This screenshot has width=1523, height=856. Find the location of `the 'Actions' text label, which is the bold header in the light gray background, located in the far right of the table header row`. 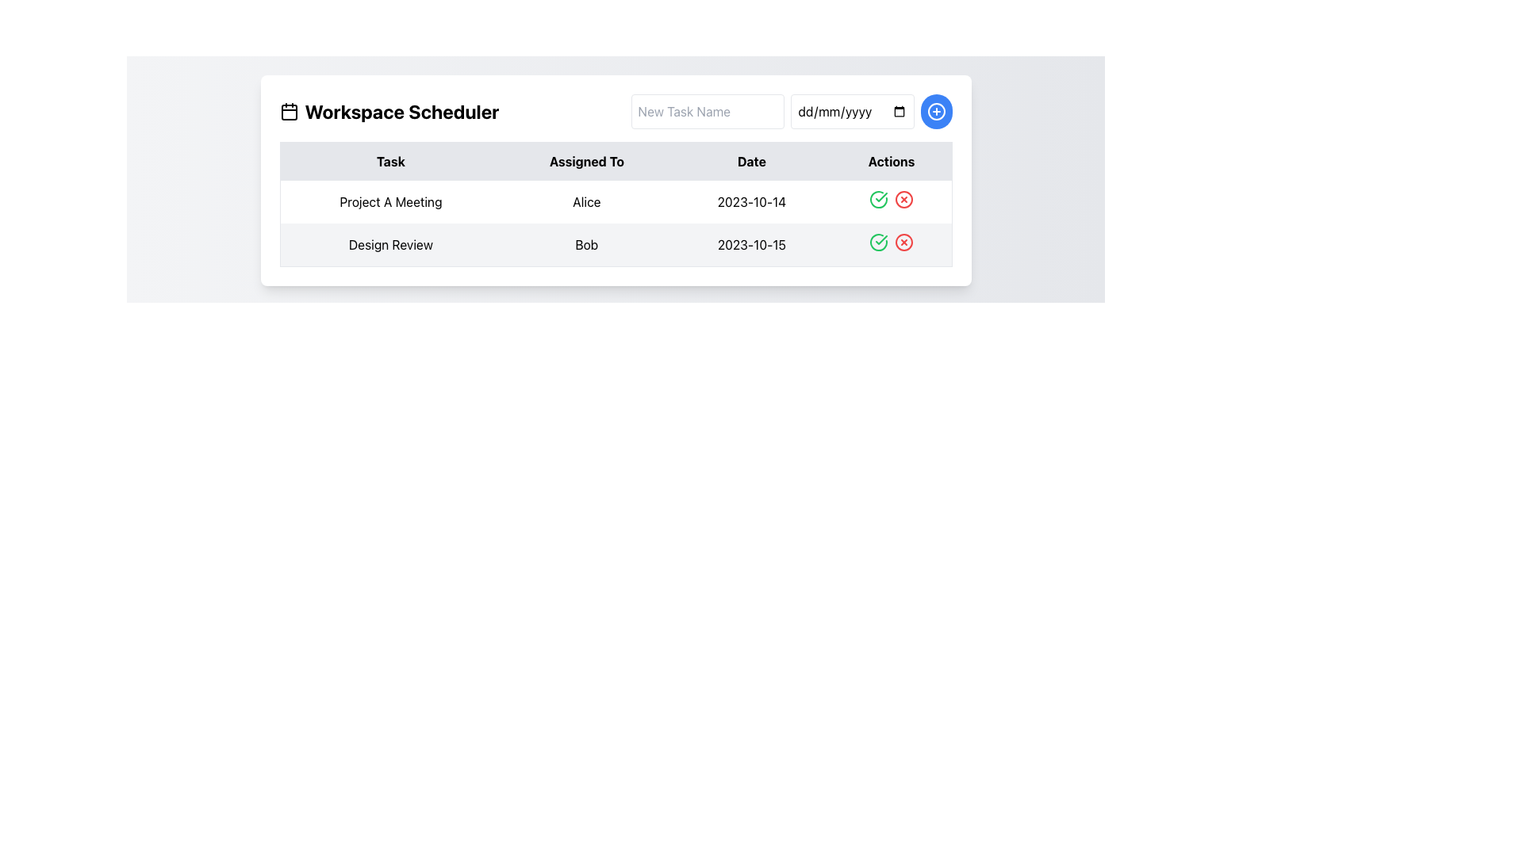

the 'Actions' text label, which is the bold header in the light gray background, located in the far right of the table header row is located at coordinates (892, 161).